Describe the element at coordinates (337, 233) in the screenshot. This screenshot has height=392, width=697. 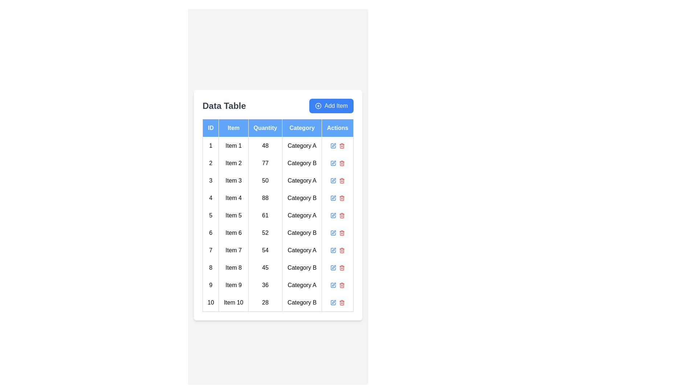
I see `the blue pencil icon in the 'Actions' column of the data table corresponding to 'Item 6'` at that location.